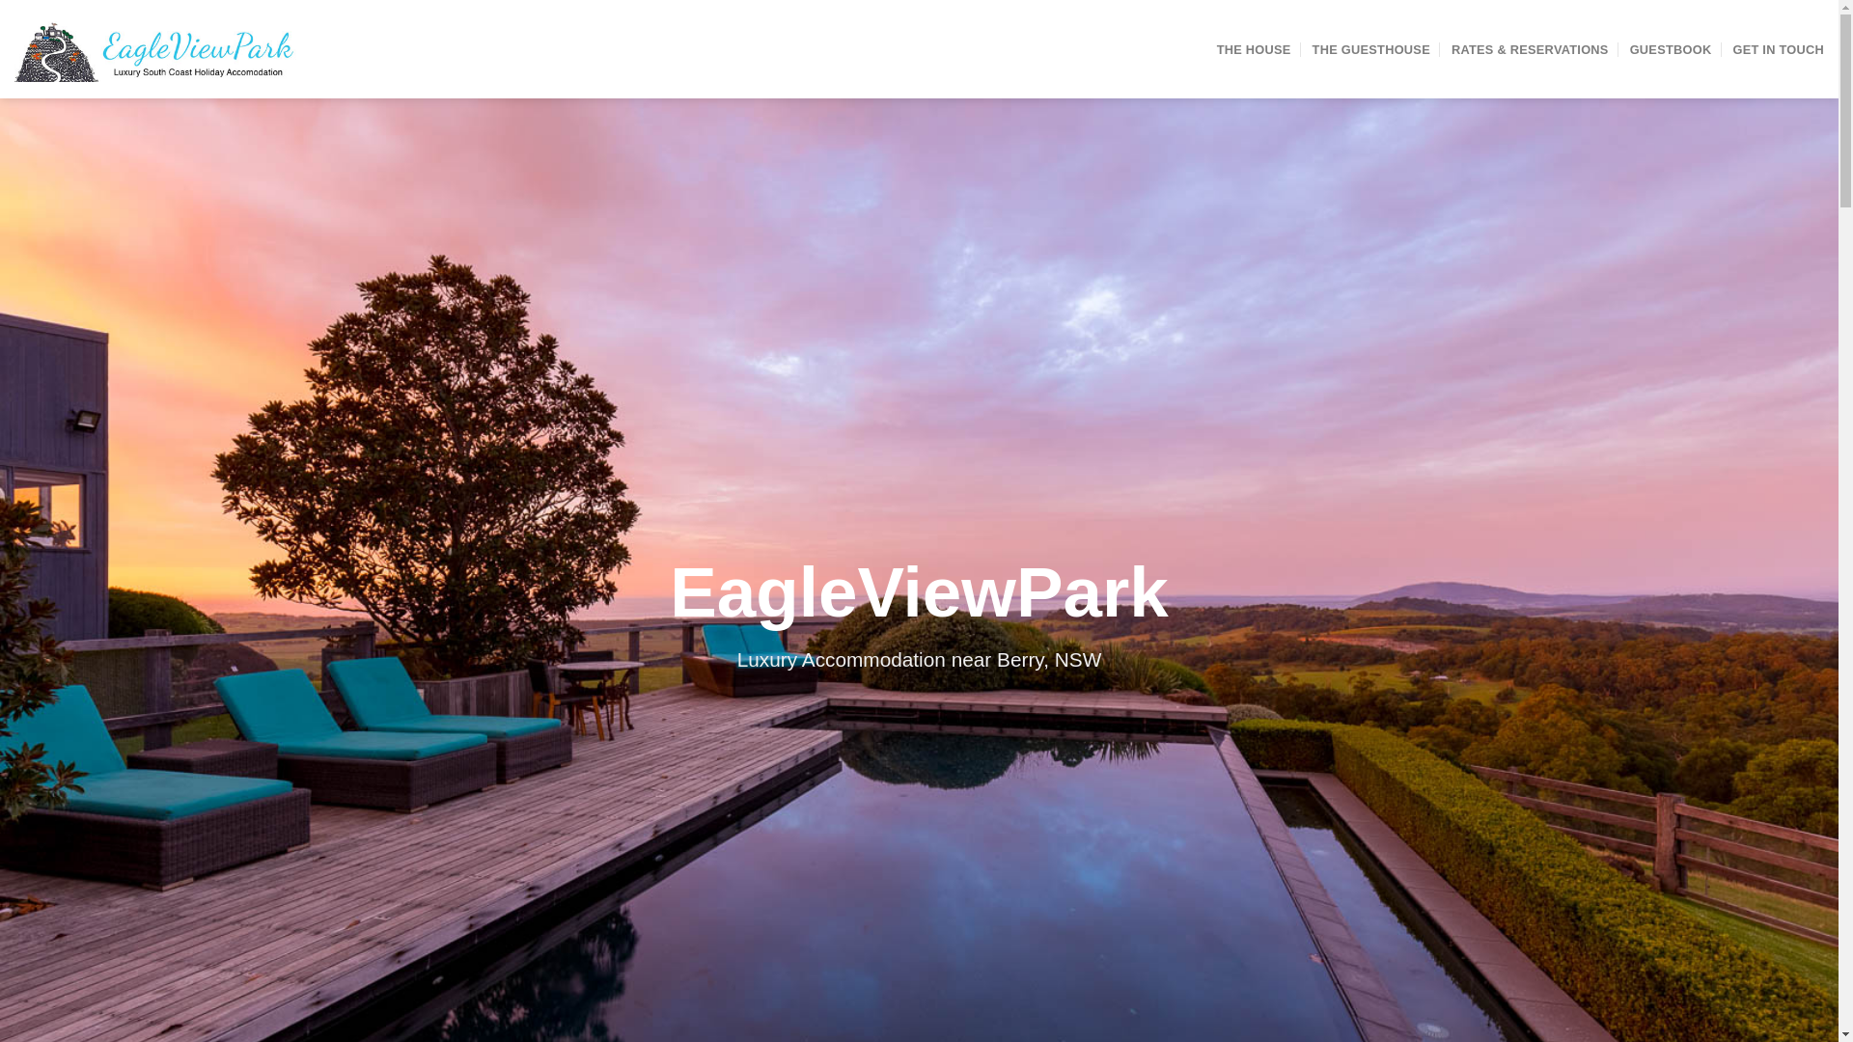 The image size is (1853, 1042). Describe the element at coordinates (1777, 47) in the screenshot. I see `'GET IN TOUCH'` at that location.